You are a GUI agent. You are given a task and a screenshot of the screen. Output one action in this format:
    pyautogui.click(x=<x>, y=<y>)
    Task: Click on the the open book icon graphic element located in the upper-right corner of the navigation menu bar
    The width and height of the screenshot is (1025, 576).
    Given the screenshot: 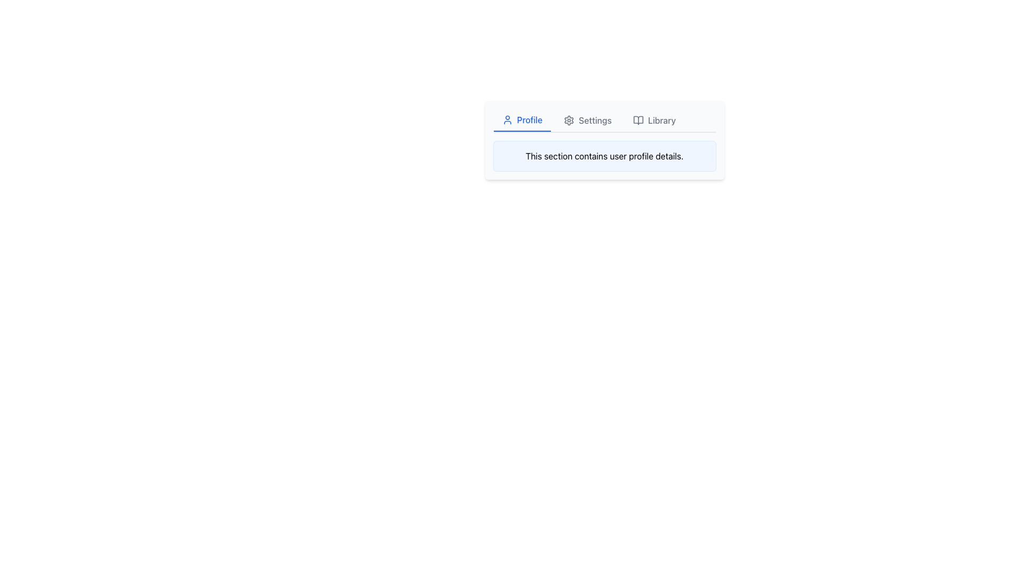 What is the action you would take?
    pyautogui.click(x=638, y=120)
    